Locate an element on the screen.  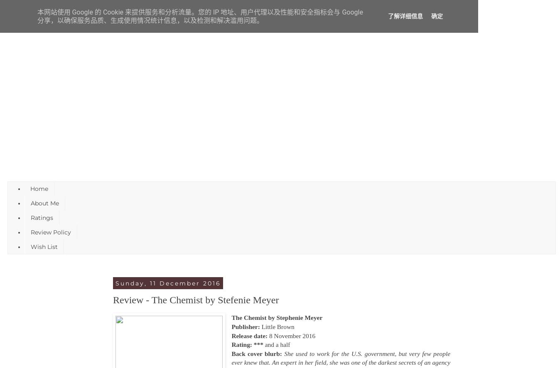
'Little Brown' is located at coordinates (261, 326).